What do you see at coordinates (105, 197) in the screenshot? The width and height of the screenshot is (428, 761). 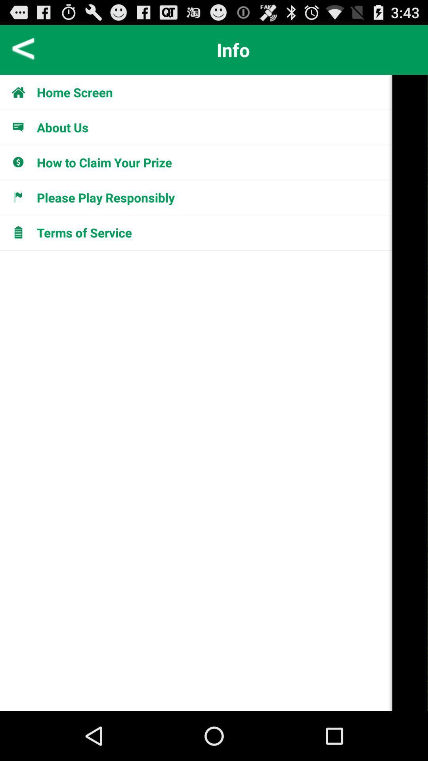 I see `icon above the terms of service app` at bounding box center [105, 197].